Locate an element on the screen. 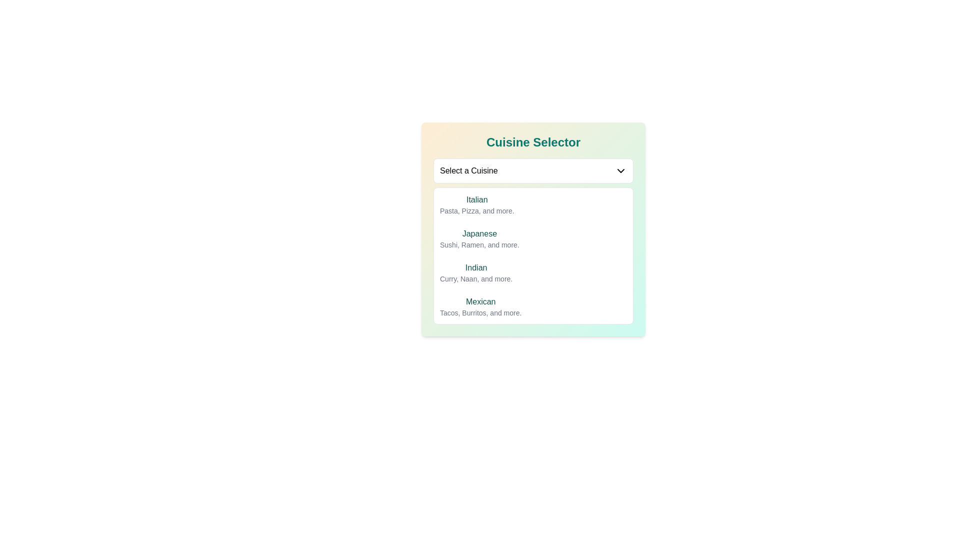  the 'Japanese' selectable option in the 'Cuisine Selector' dropdown menu is located at coordinates (479, 239).